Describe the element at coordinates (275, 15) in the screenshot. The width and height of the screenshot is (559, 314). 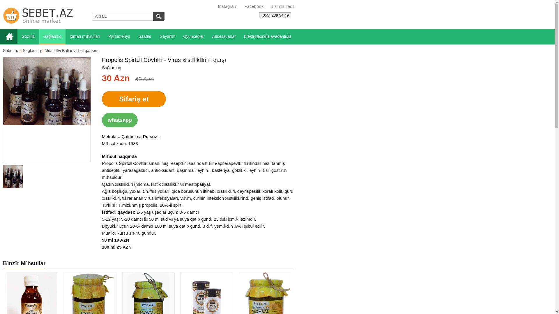
I see `'(055) 239 54 49'` at that location.